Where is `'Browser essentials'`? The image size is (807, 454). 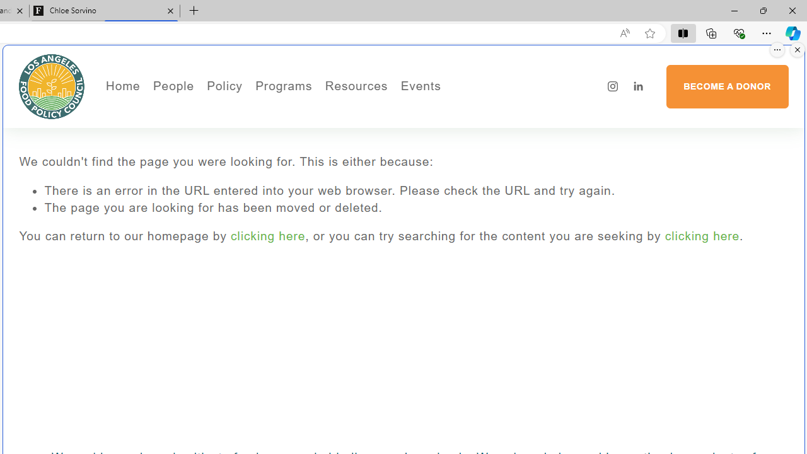 'Browser essentials' is located at coordinates (738, 32).